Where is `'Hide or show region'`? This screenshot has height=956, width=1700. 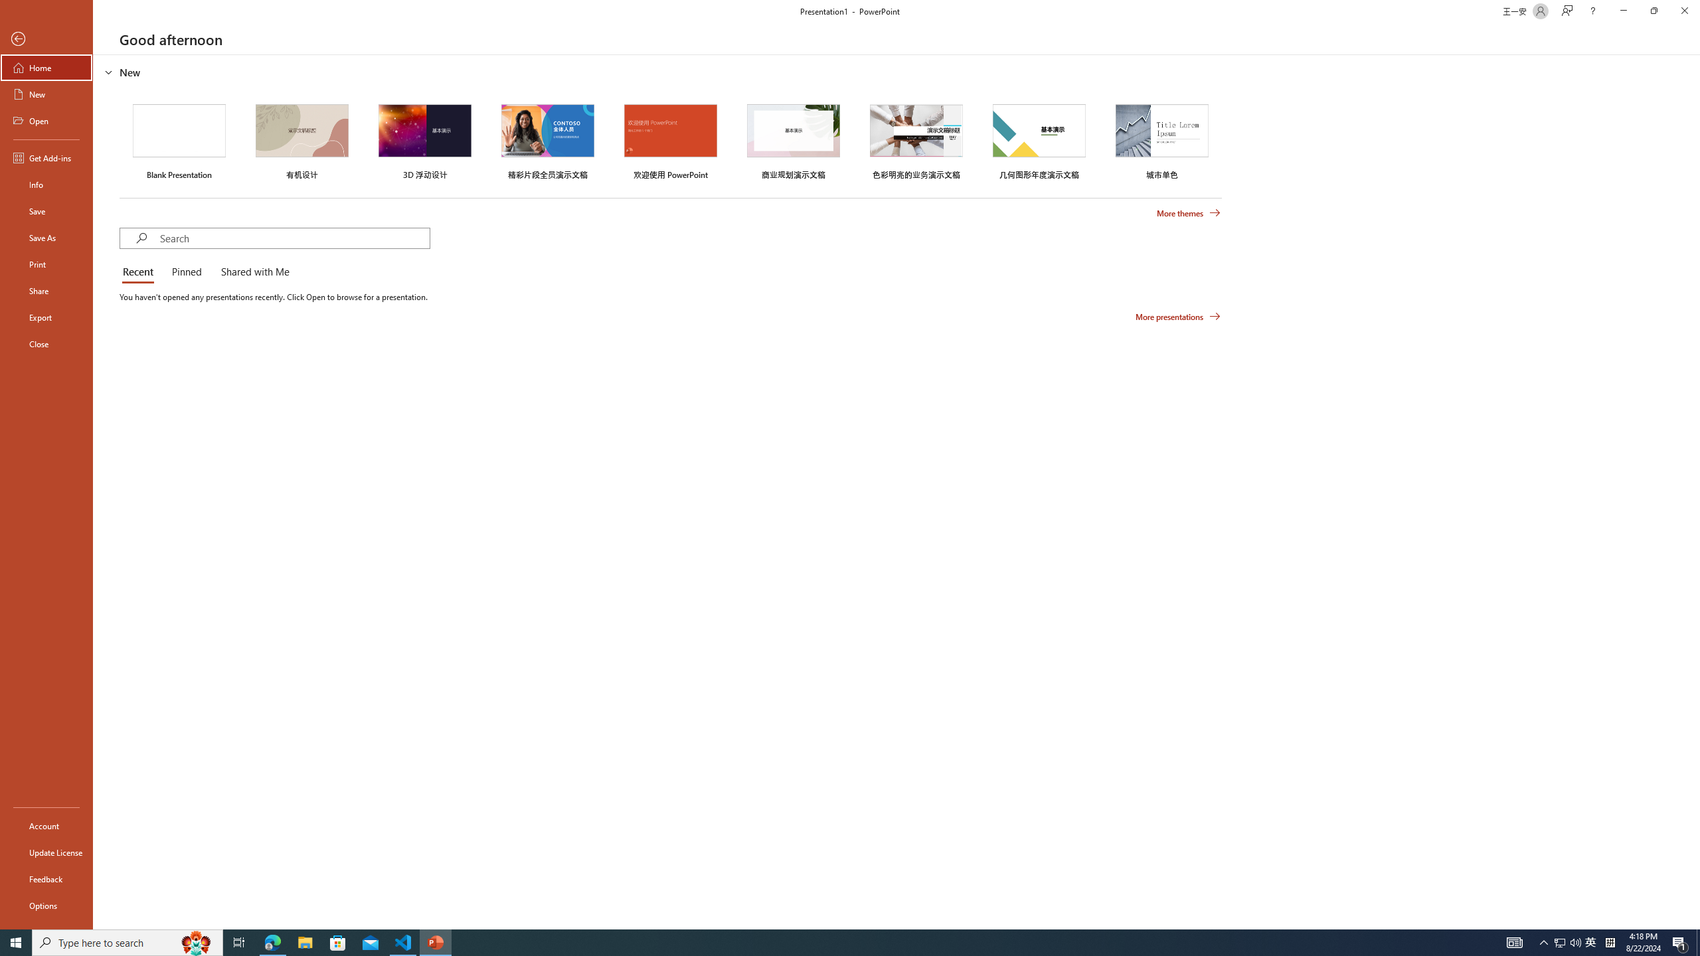
'Hide or show region' is located at coordinates (108, 71).